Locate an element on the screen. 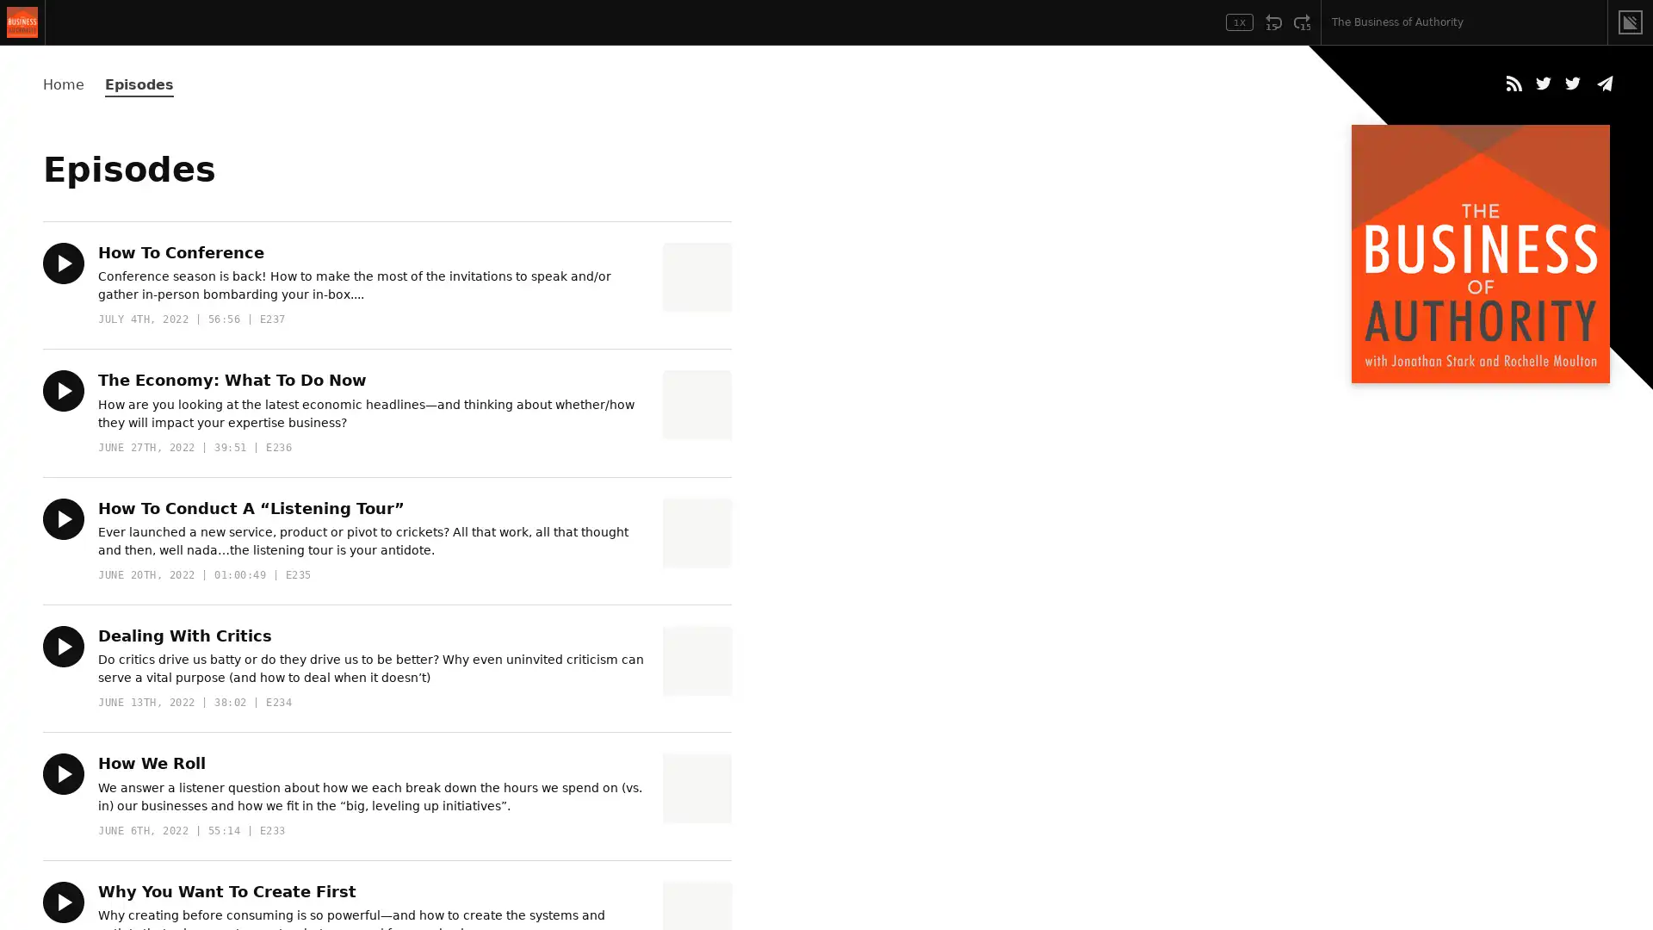 This screenshot has height=930, width=1653. Play is located at coordinates (63, 772).